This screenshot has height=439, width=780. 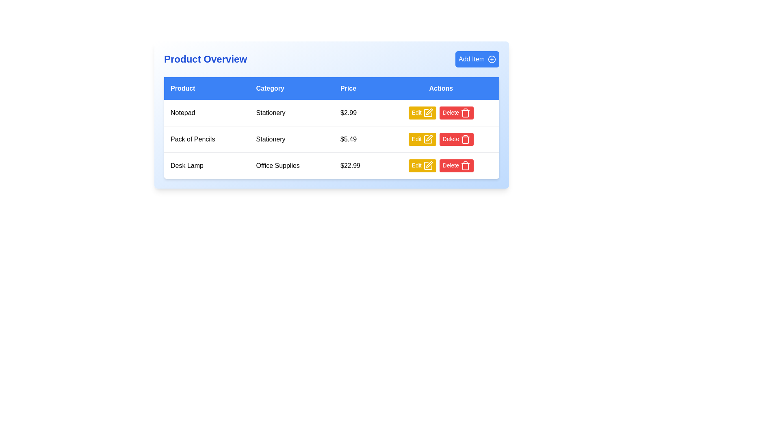 I want to click on the trash can icon located in the 'Actions' column of the third row, so click(x=465, y=139).